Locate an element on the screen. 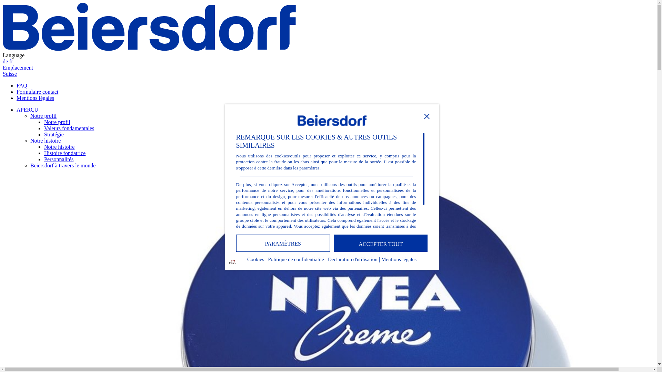 This screenshot has height=372, width=662. 'Formulaire contact' is located at coordinates (37, 91).